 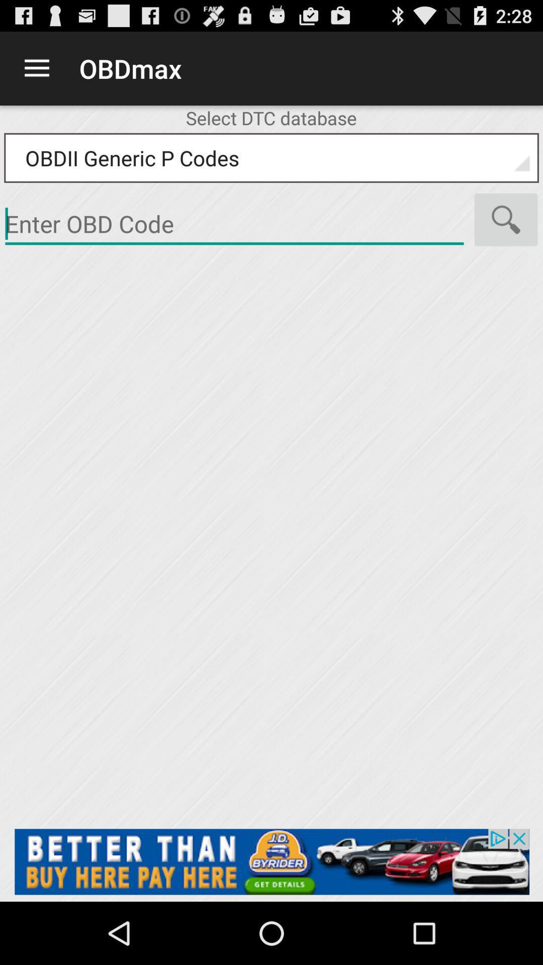 I want to click on advertisement, so click(x=234, y=224).